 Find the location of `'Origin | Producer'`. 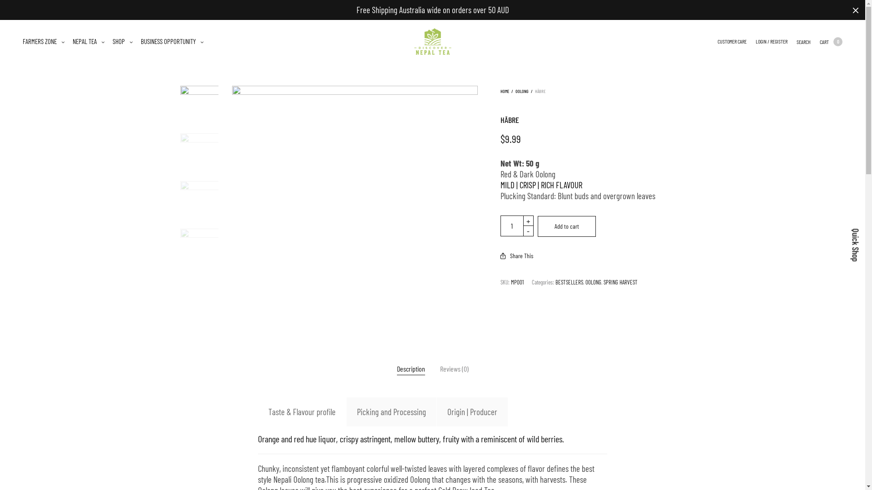

'Origin | Producer' is located at coordinates (472, 412).